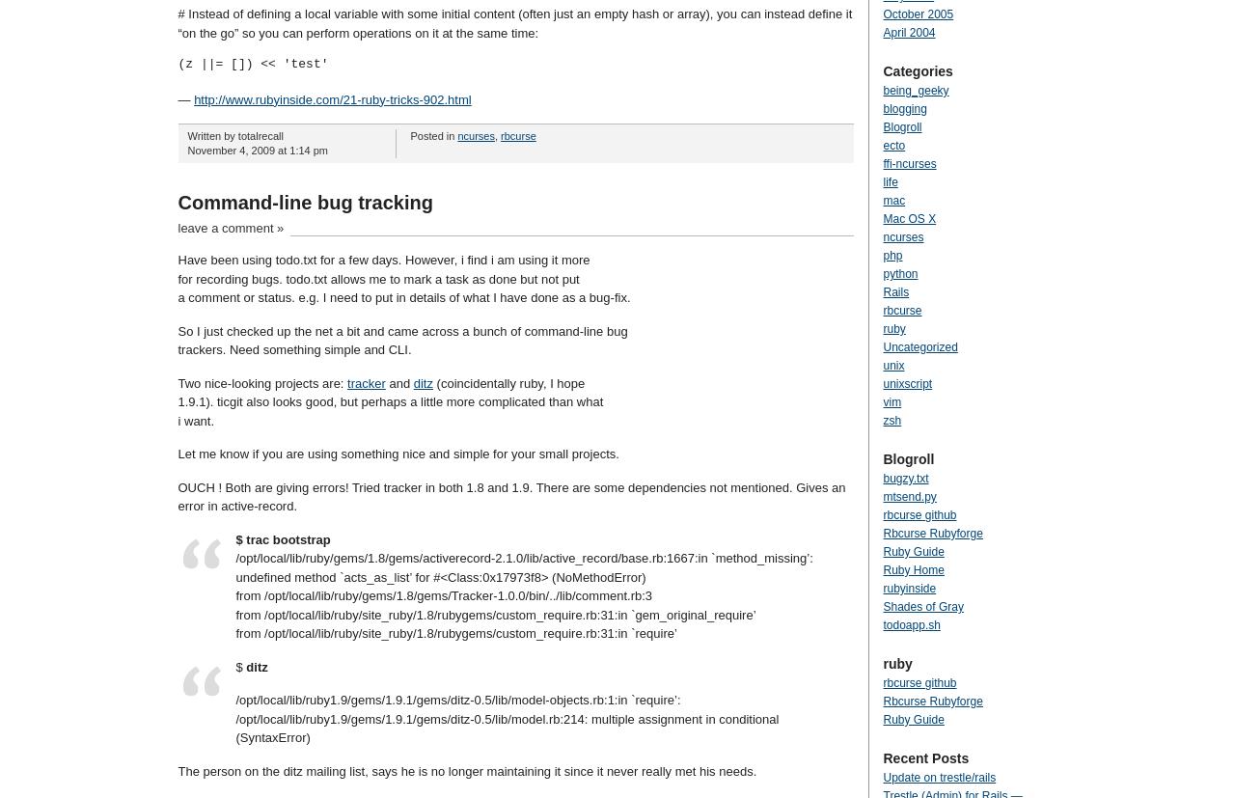 The width and height of the screenshot is (1235, 798). What do you see at coordinates (233, 537) in the screenshot?
I see `'$ trac bootstrap'` at bounding box center [233, 537].